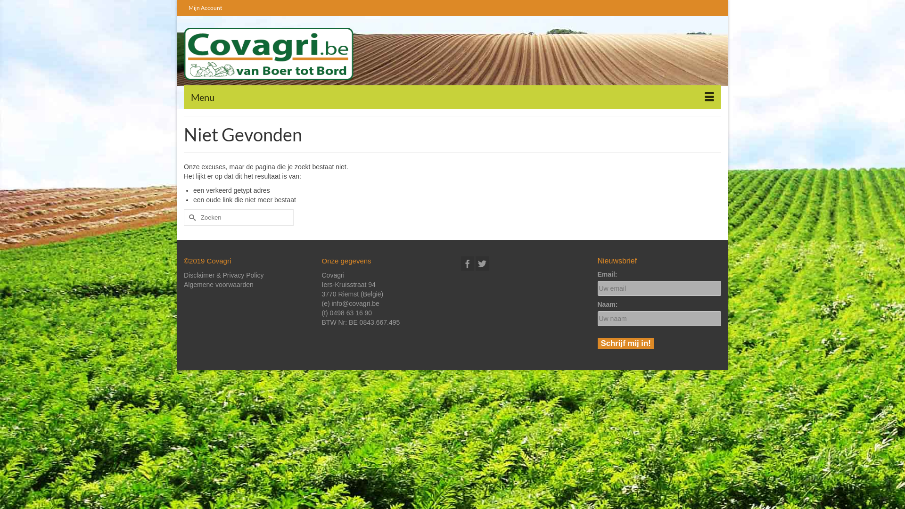 This screenshot has height=509, width=905. What do you see at coordinates (268, 54) in the screenshot?
I see `'Covagri.be'` at bounding box center [268, 54].